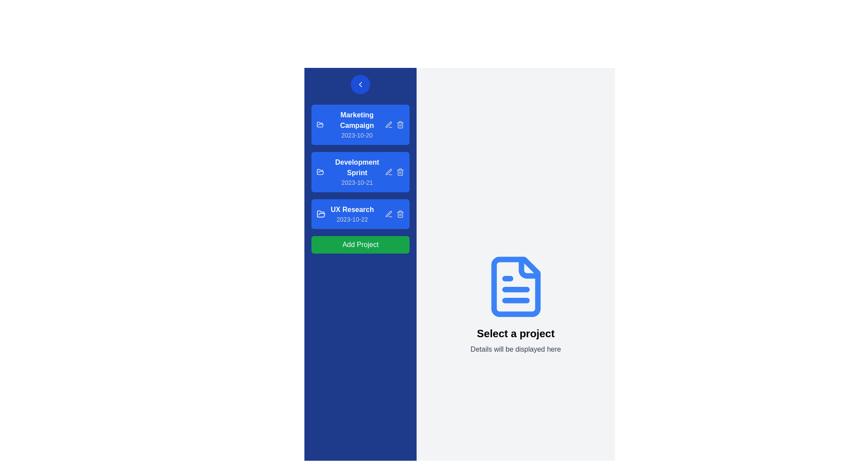 This screenshot has width=841, height=473. I want to click on the Pen icon button located to the right of the 'Development Sprint' text to initiate edit mode for the associated list item, so click(388, 172).